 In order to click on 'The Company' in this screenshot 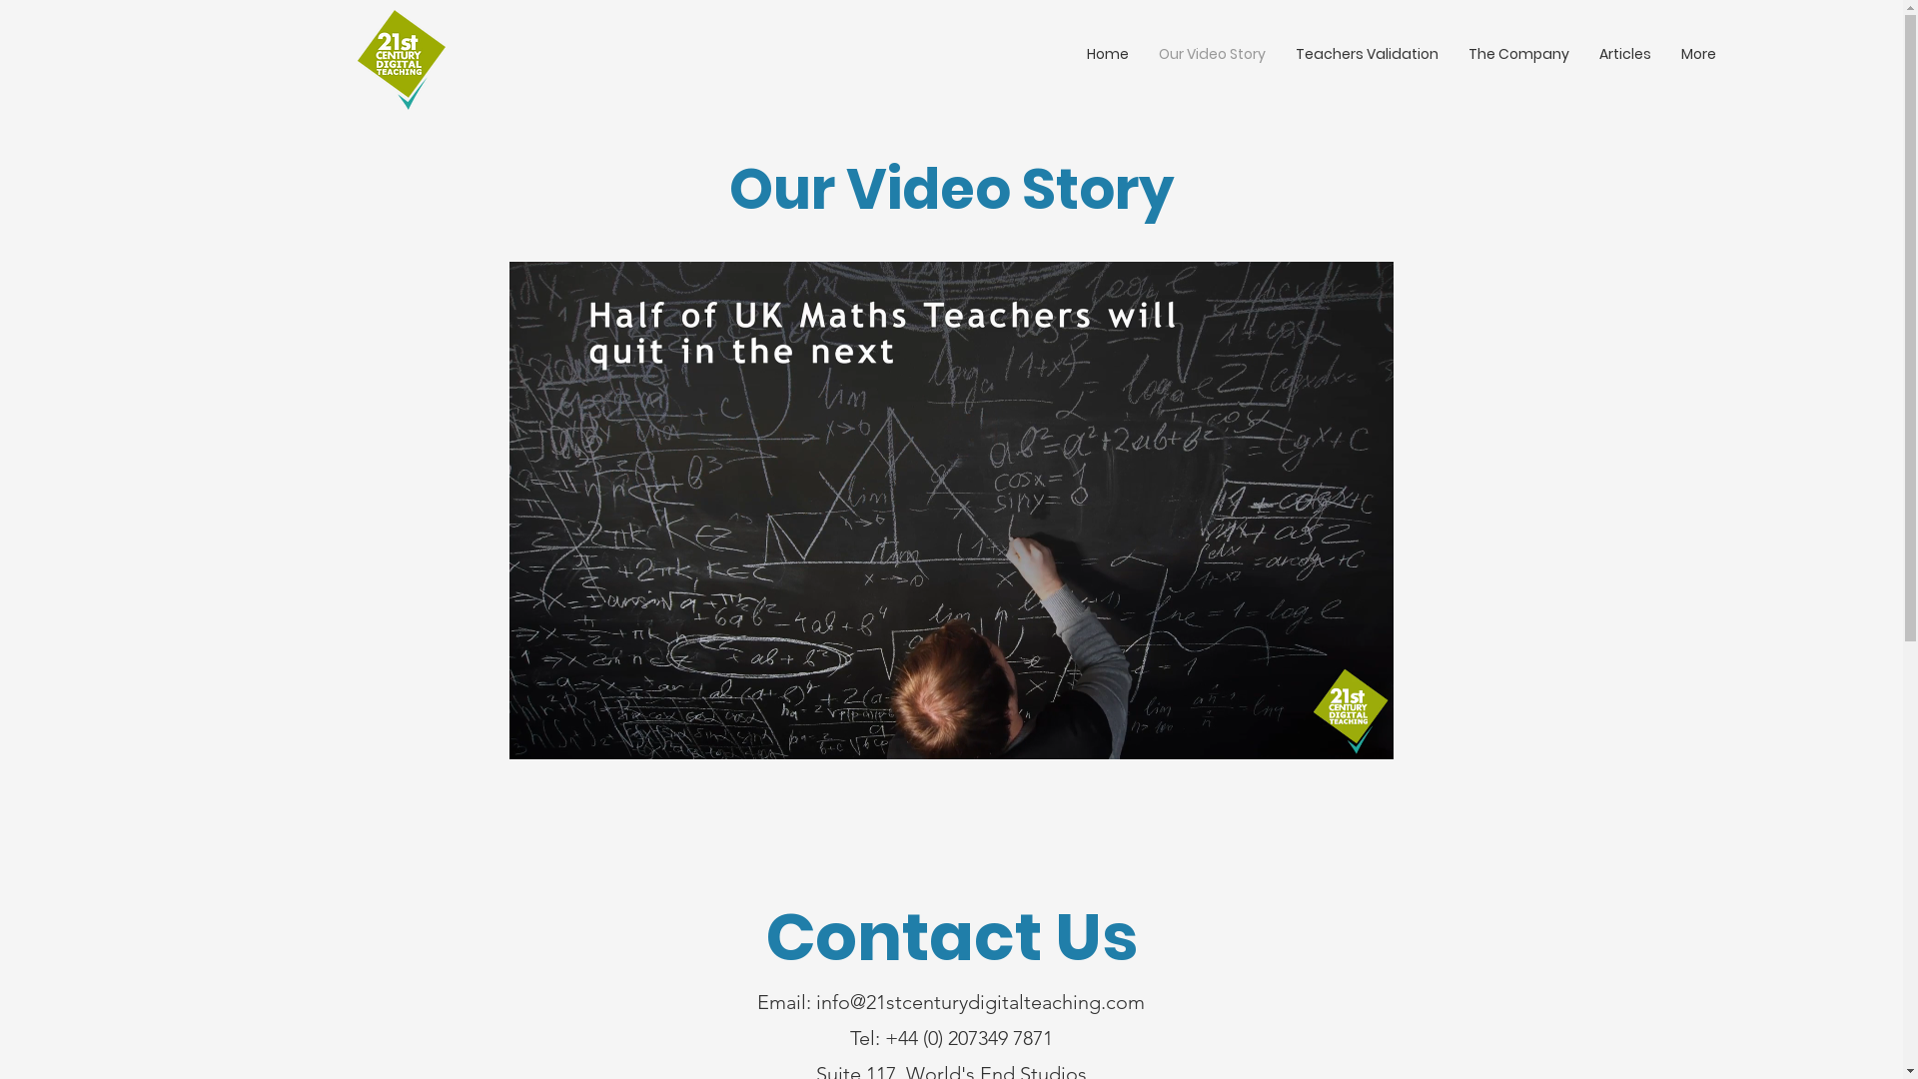, I will do `click(1518, 53)`.